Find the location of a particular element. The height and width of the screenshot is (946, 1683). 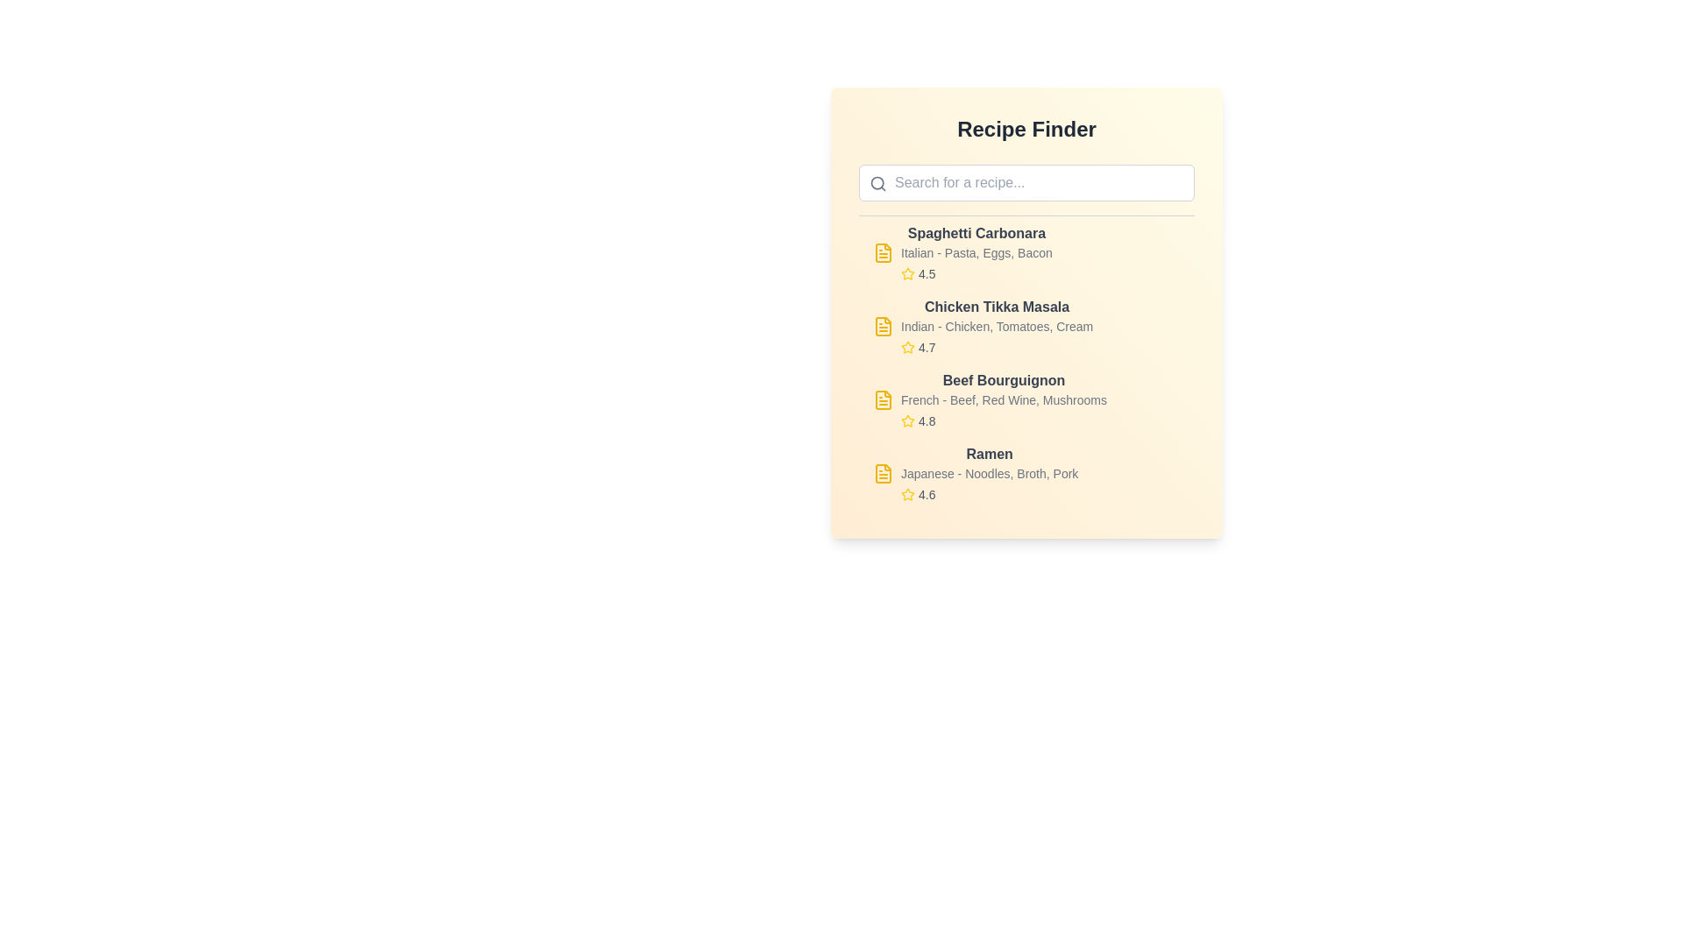

the visual indicator icon representing the recipe item 'Ramen', which is located to the left of the fourth recipe in the list is located at coordinates (884, 473).